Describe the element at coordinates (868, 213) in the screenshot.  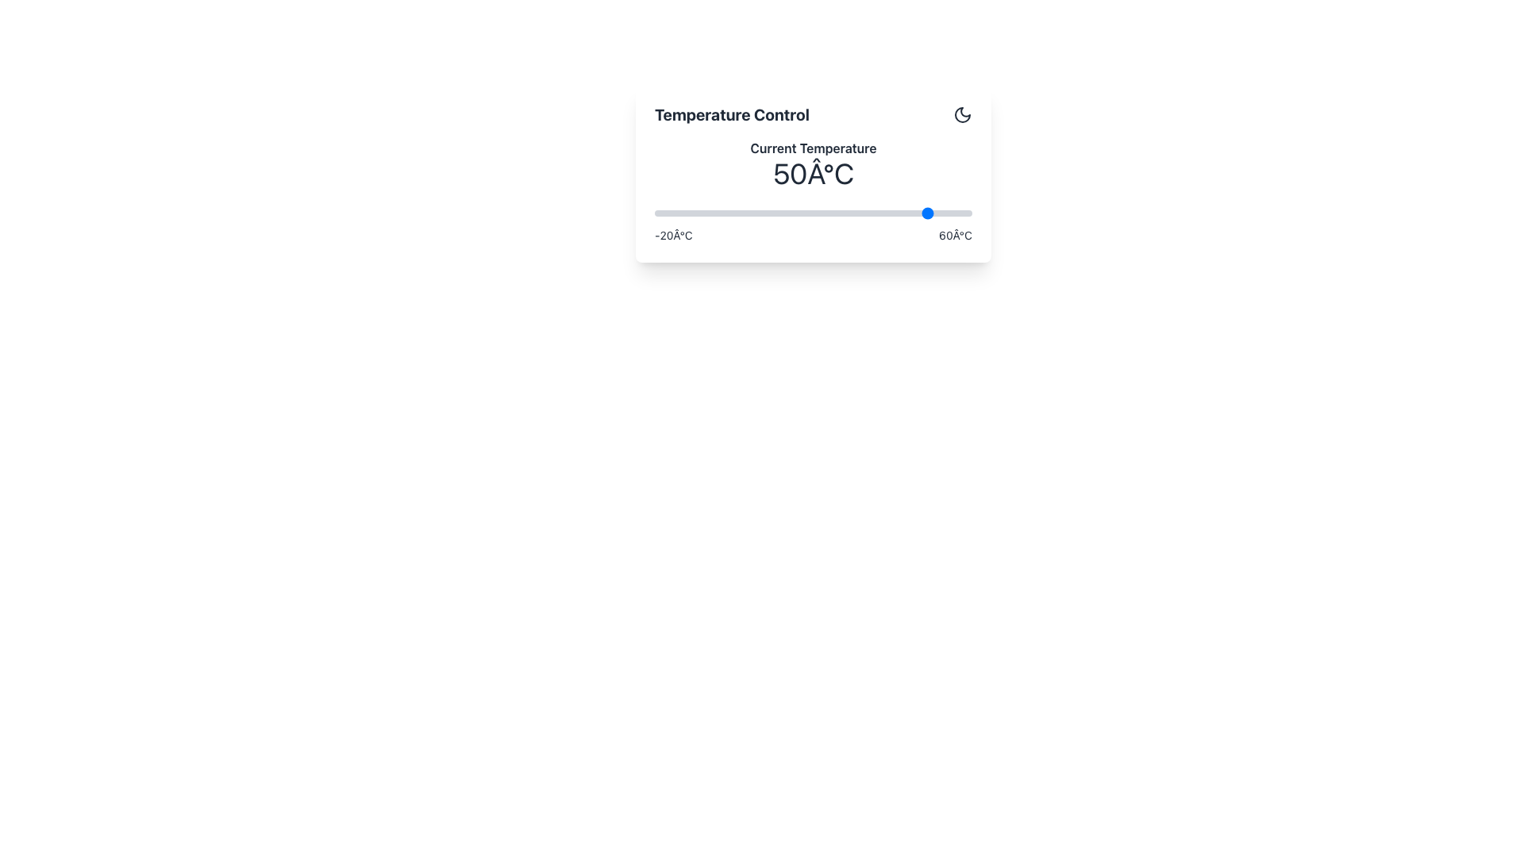
I see `the temperature` at that location.